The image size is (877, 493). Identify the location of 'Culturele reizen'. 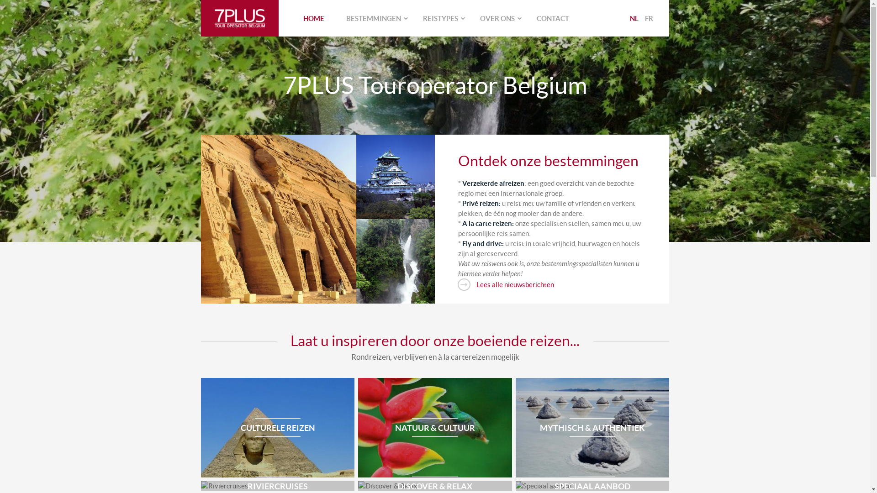
(277, 427).